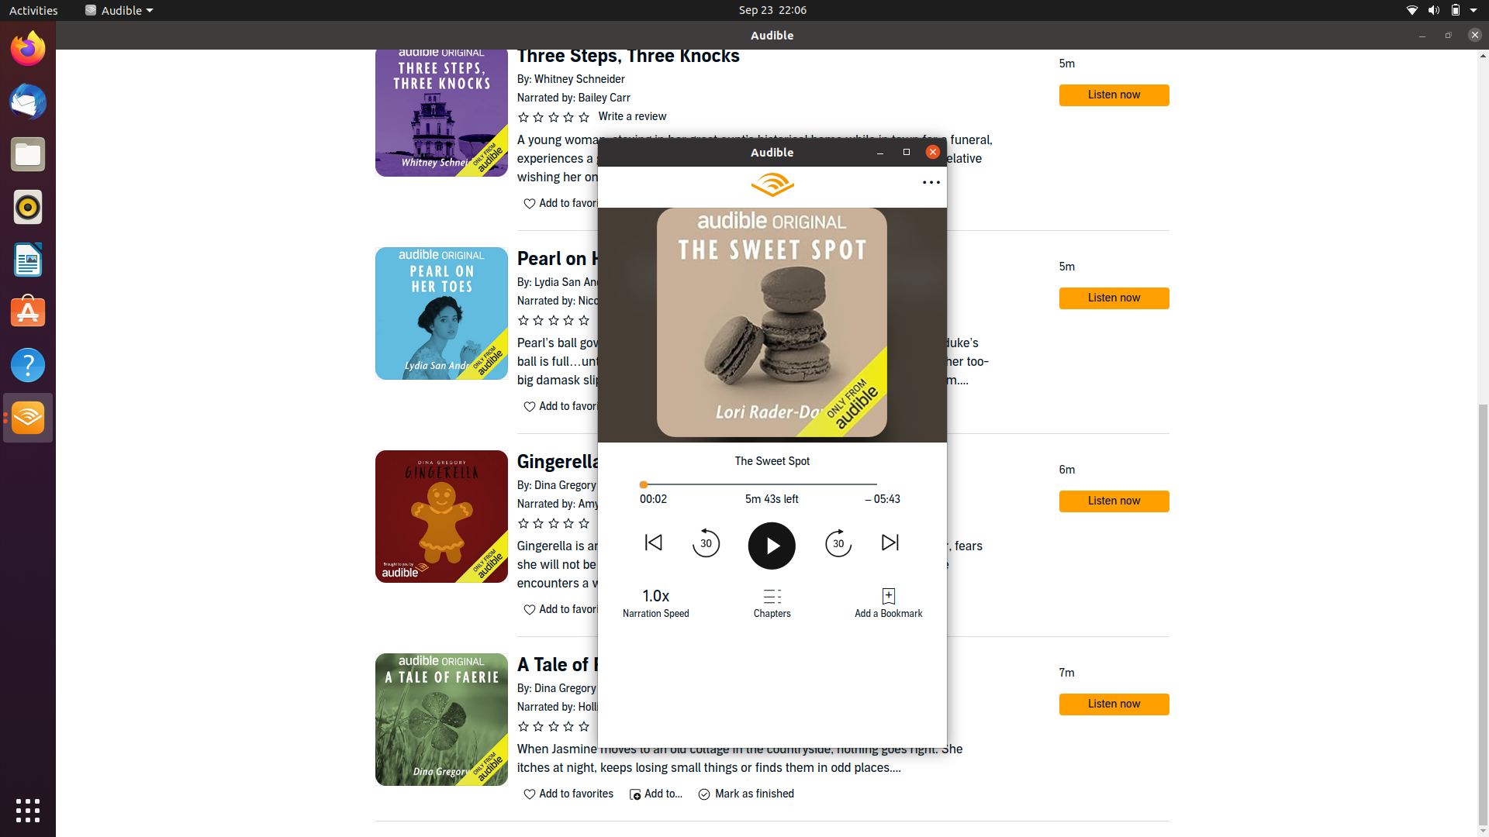 The height and width of the screenshot is (837, 1489). I want to click on Revert to the formerly used narration speed setting, so click(656, 600).